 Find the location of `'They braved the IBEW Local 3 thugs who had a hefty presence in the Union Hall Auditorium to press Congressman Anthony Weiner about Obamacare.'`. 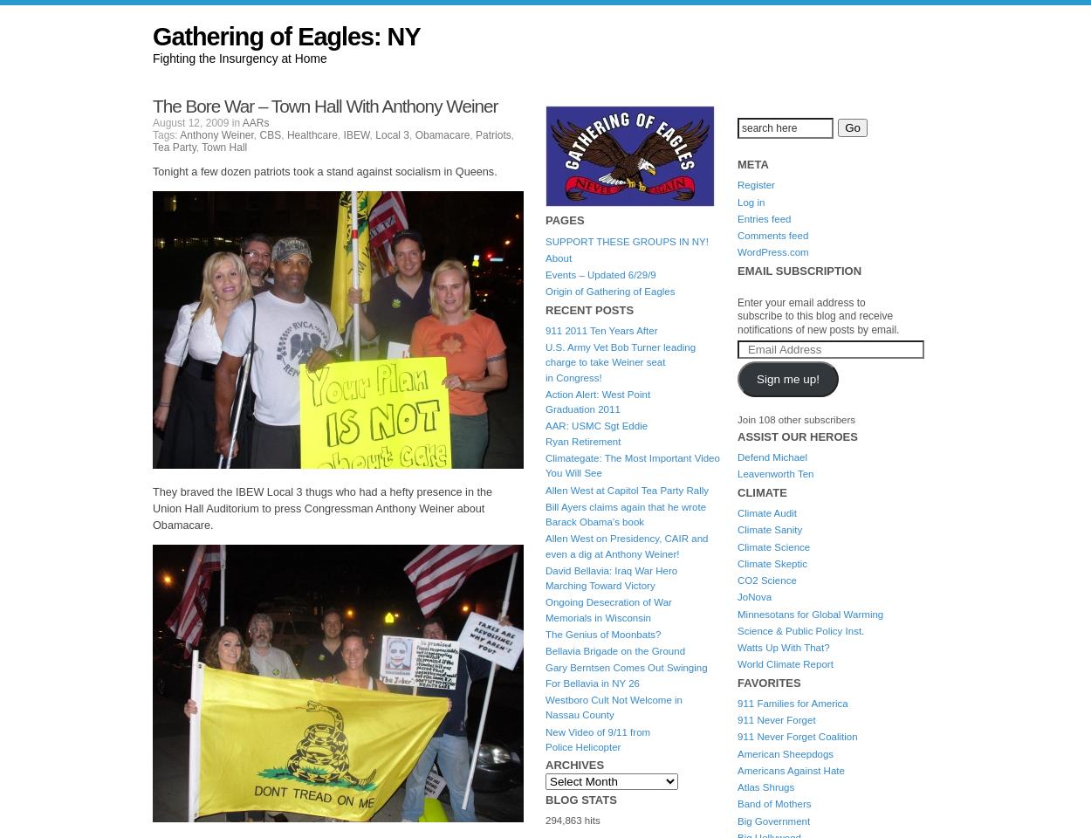

'They braved the IBEW Local 3 thugs who had a hefty presence in the Union Hall Auditorium to press Congressman Anthony Weiner about Obamacare.' is located at coordinates (321, 509).